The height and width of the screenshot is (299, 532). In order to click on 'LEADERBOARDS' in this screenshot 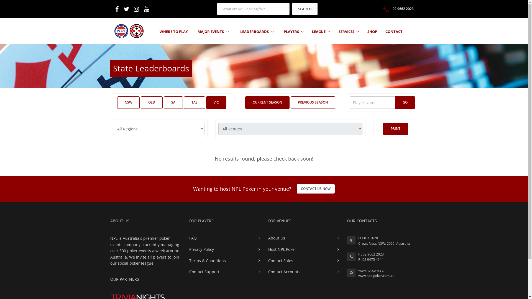, I will do `click(257, 32)`.